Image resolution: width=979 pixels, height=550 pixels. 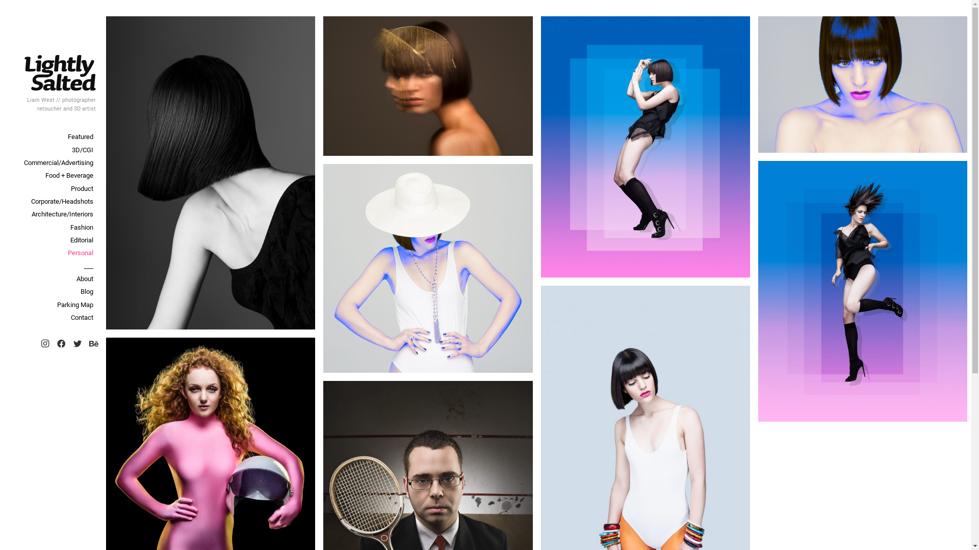 What do you see at coordinates (50, 317) in the screenshot?
I see `'Contact'` at bounding box center [50, 317].